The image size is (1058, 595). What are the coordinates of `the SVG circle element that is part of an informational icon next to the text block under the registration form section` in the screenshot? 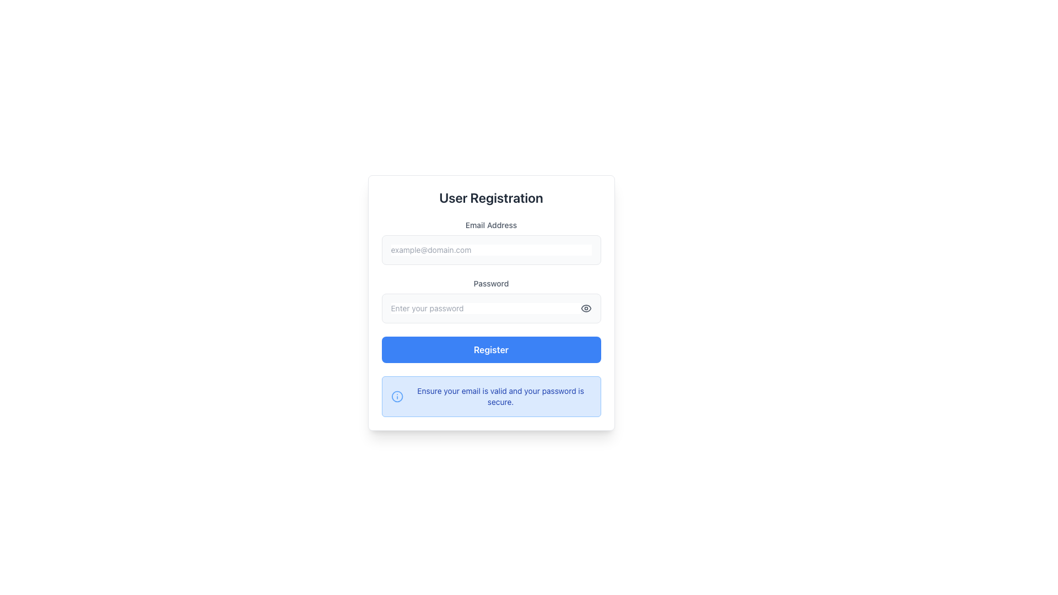 It's located at (397, 397).